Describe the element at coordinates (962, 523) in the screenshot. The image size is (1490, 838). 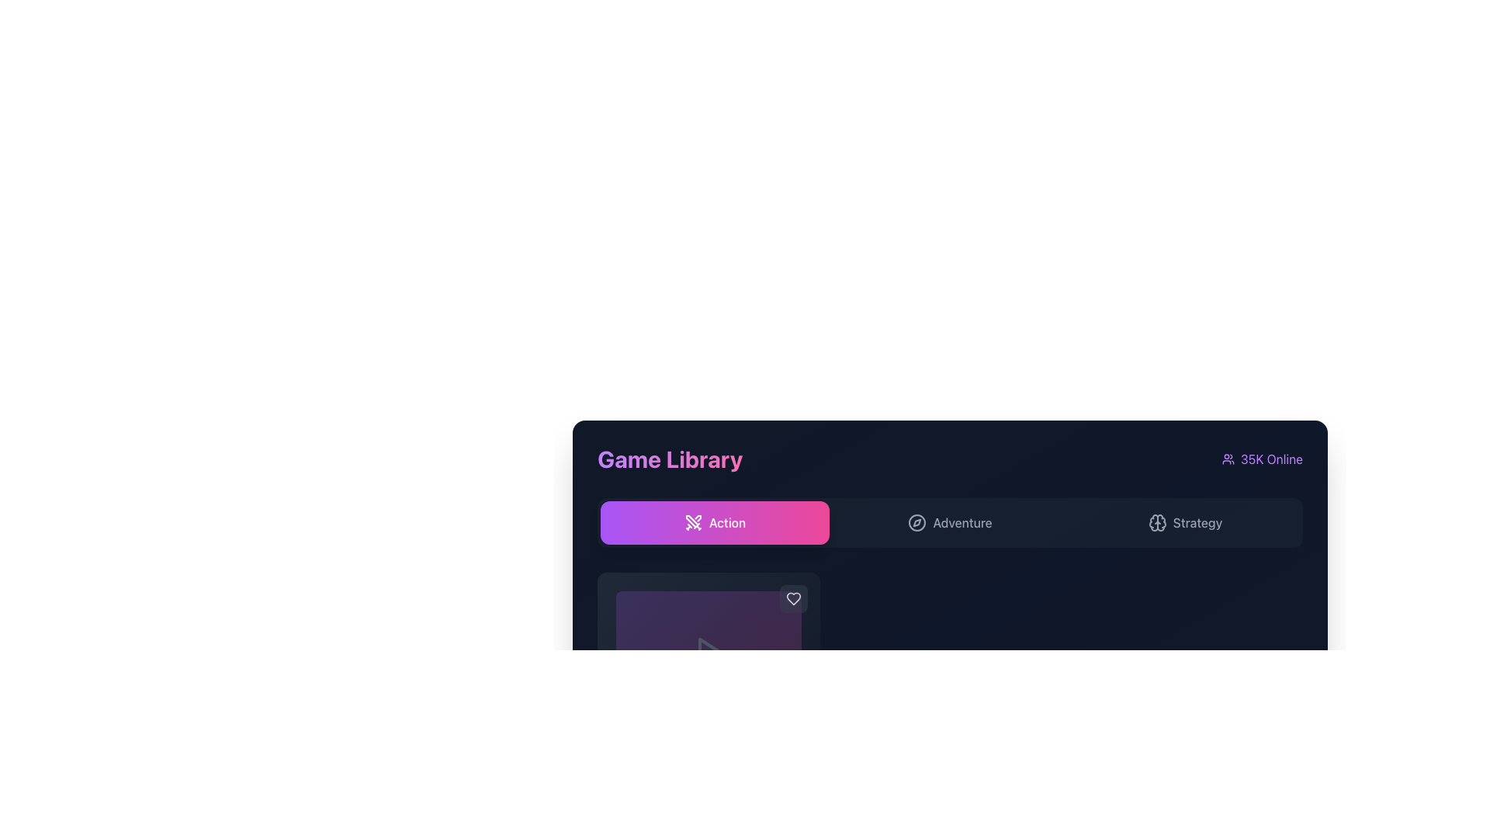
I see `the 'Adventure' text label located centrally within the navigational button, positioned between the 'Action' and 'Strategy' buttons` at that location.